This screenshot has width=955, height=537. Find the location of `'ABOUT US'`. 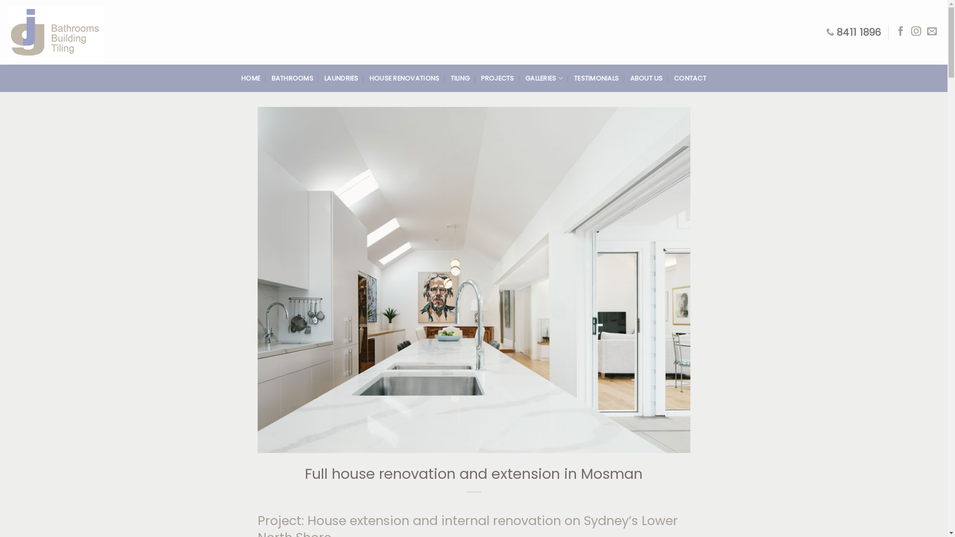

'ABOUT US' is located at coordinates (647, 78).